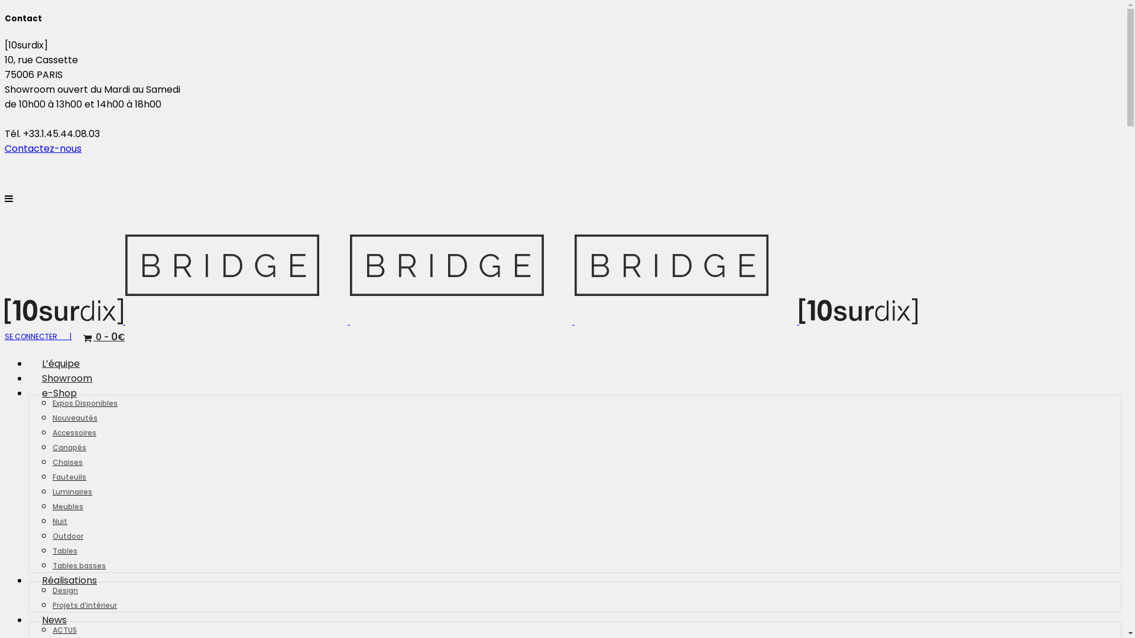 The image size is (1135, 638). I want to click on 'Outdoor', so click(67, 535).